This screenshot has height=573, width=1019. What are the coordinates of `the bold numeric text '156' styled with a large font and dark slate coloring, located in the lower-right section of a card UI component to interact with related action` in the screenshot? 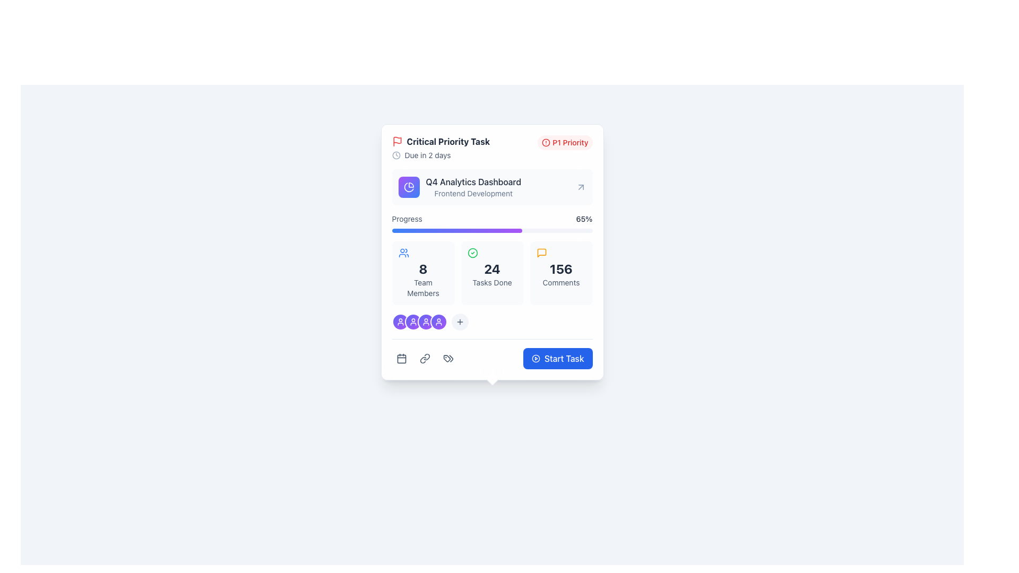 It's located at (560, 268).